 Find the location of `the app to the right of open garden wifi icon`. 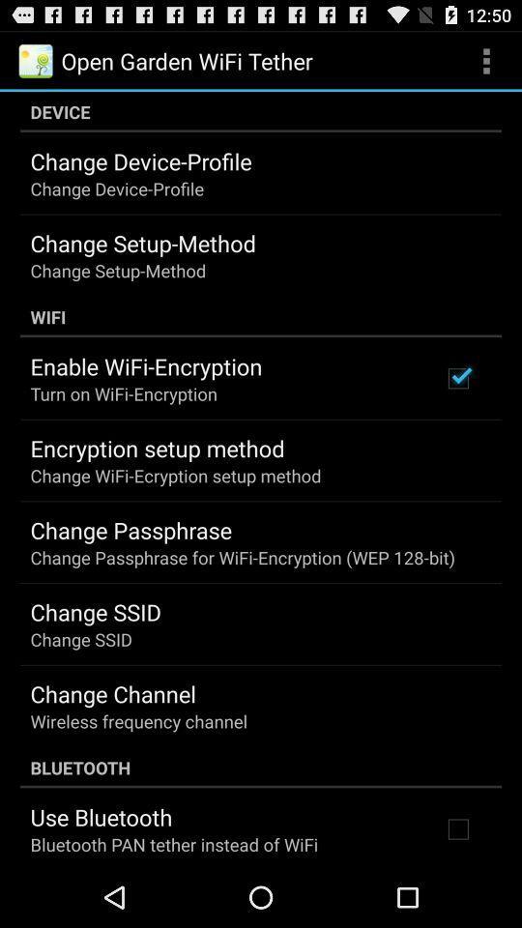

the app to the right of open garden wifi icon is located at coordinates (485, 60).